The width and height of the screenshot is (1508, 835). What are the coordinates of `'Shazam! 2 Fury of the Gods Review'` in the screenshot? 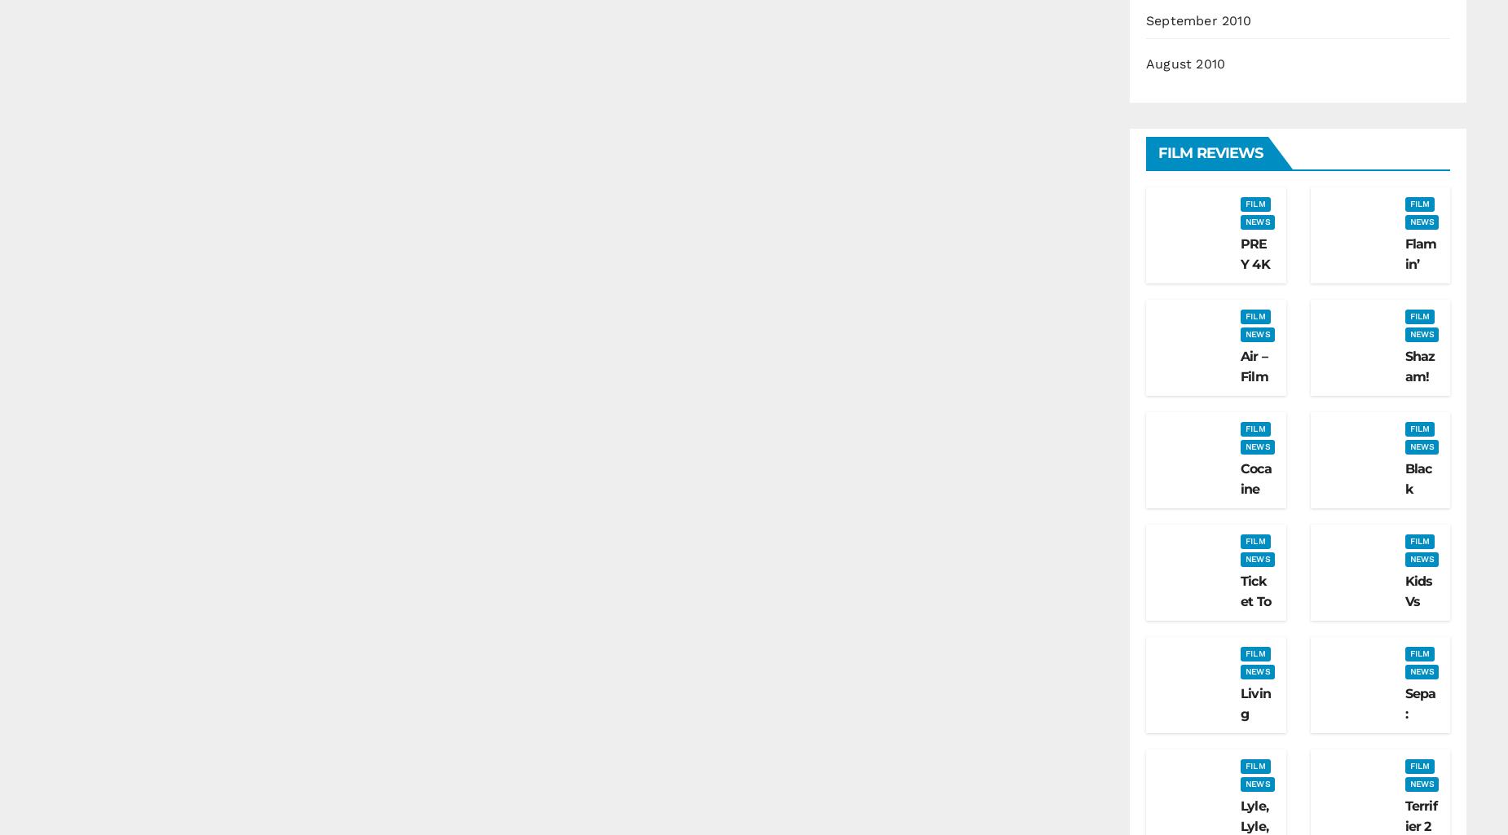 It's located at (1420, 437).